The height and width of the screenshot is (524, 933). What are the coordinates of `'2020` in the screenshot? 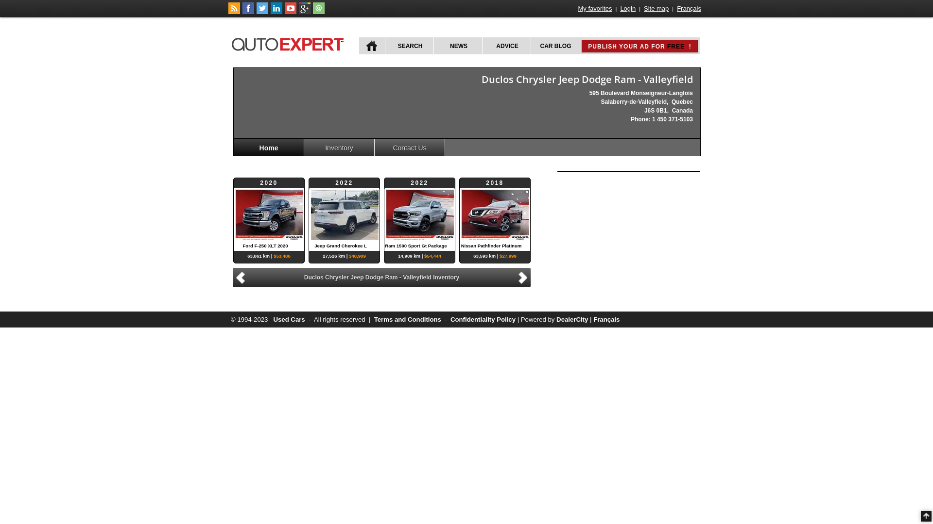 It's located at (269, 214).